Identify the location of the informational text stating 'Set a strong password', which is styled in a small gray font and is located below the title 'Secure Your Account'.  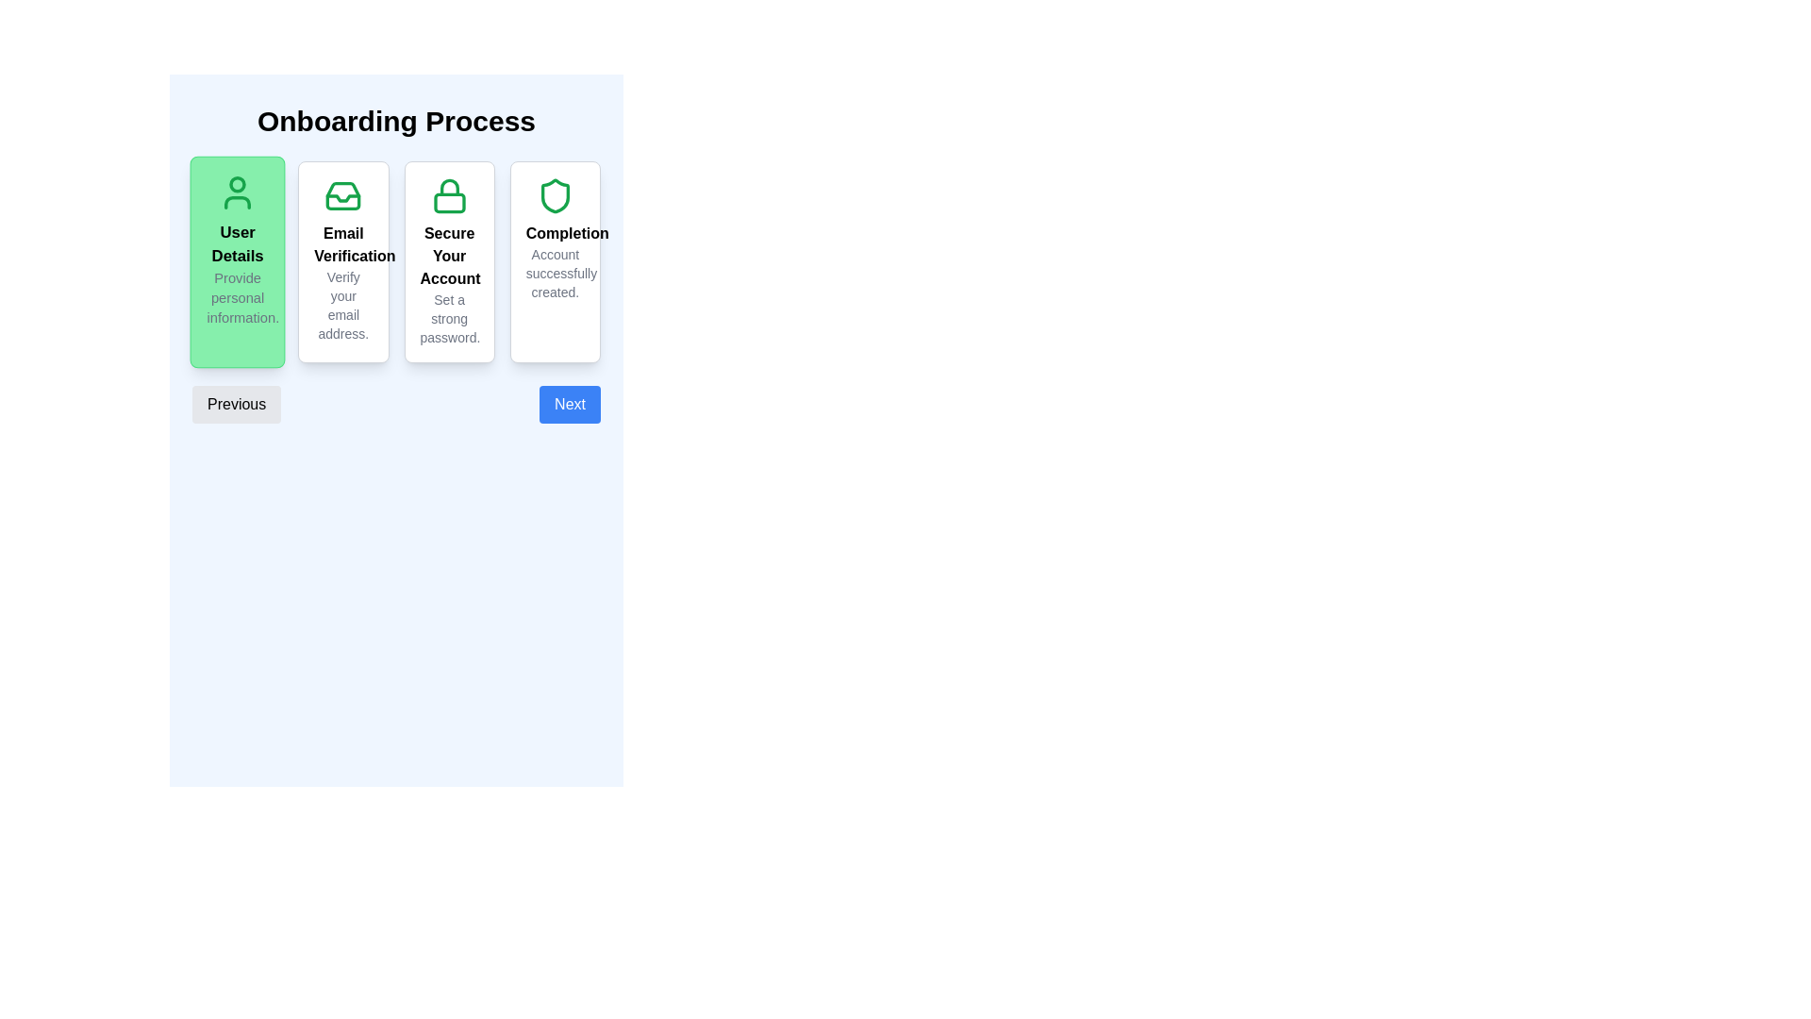
(448, 318).